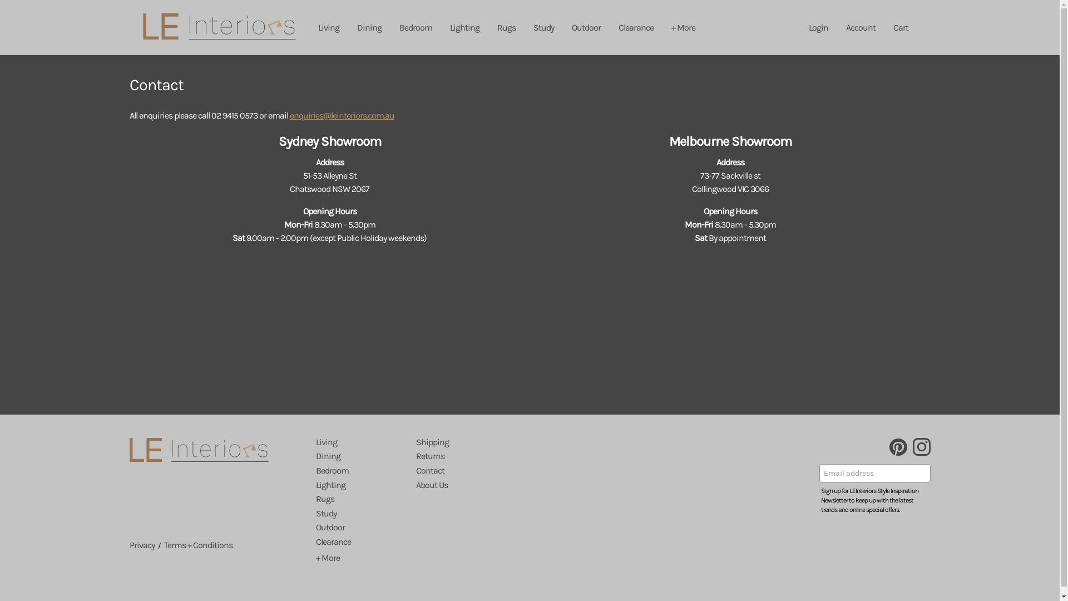  What do you see at coordinates (325, 441) in the screenshot?
I see `'Living'` at bounding box center [325, 441].